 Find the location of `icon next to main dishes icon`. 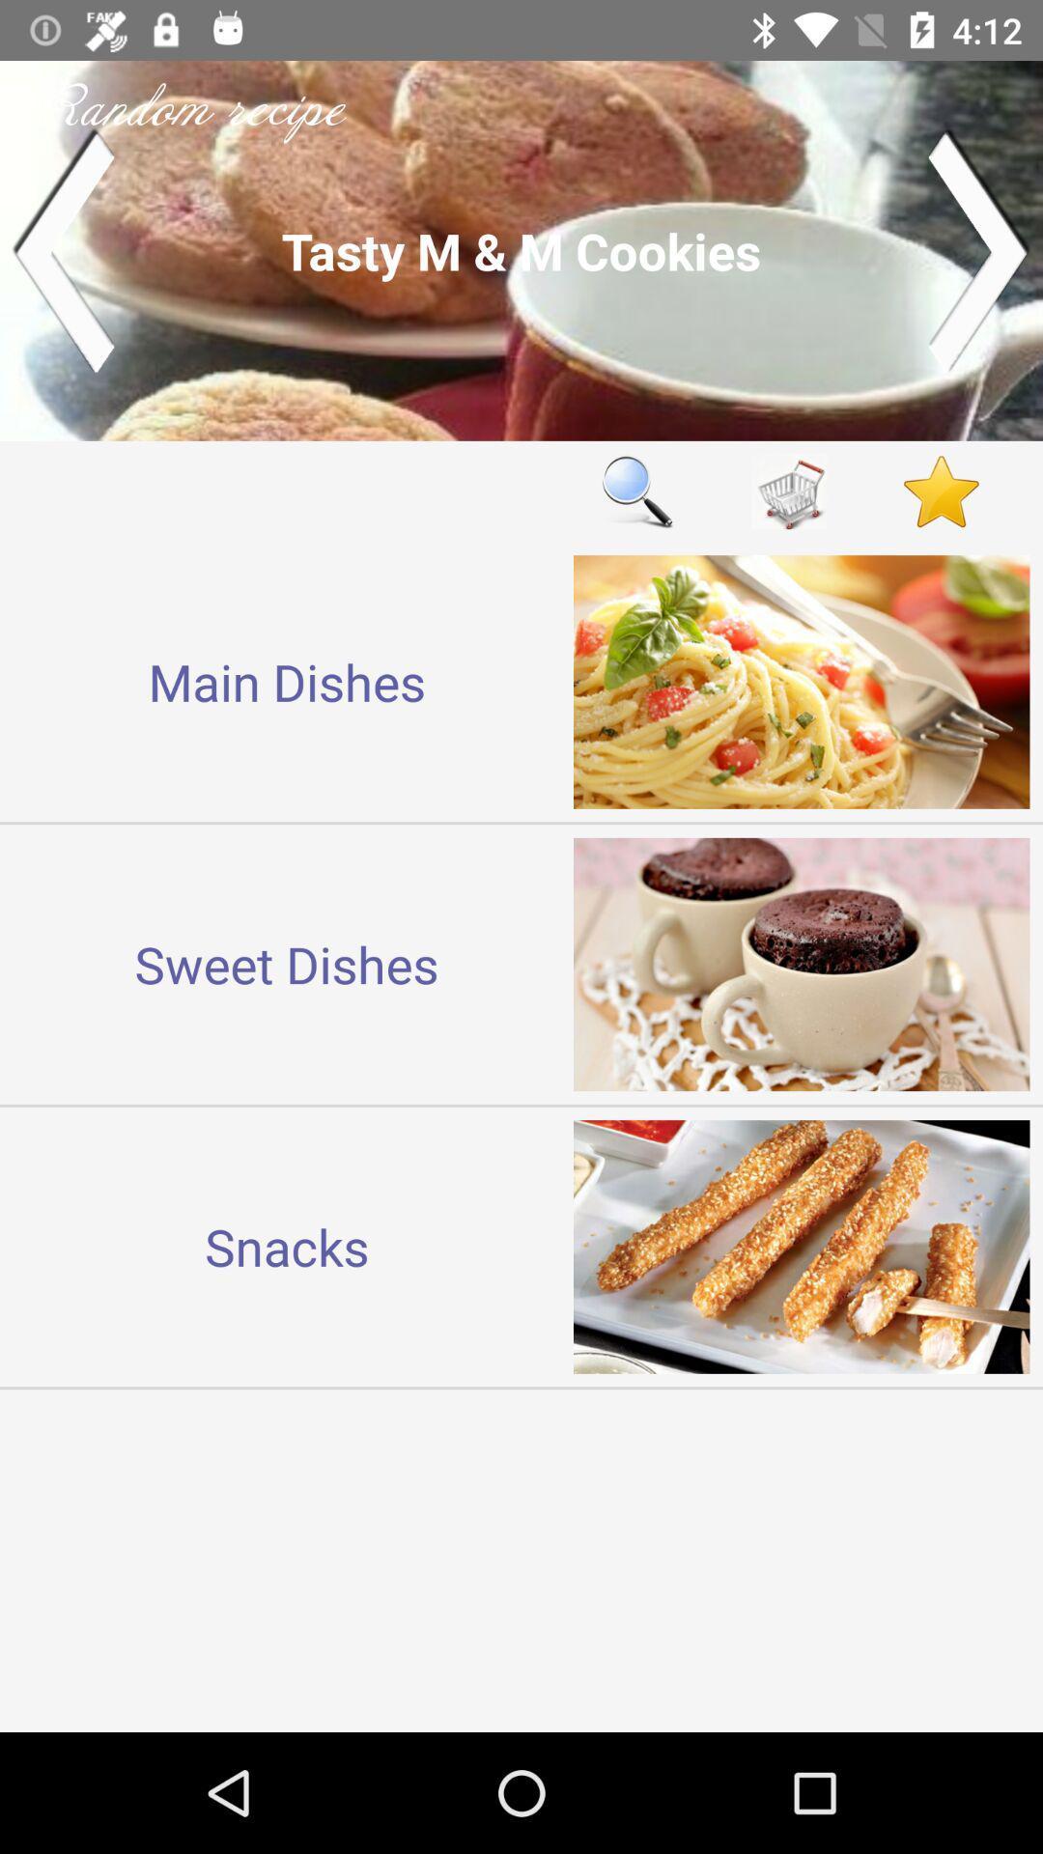

icon next to main dishes icon is located at coordinates (636, 492).